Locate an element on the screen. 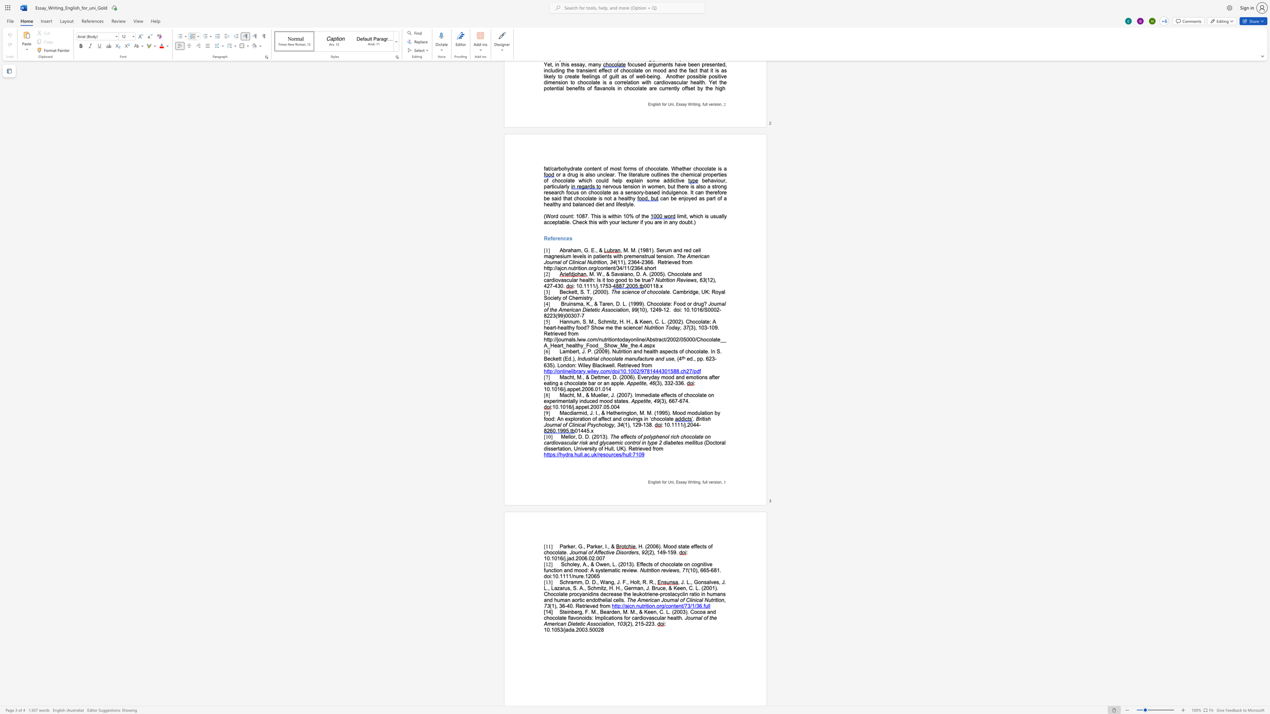 This screenshot has height=714, width=1270. the space between the continuous character "." and "," in the text is located at coordinates (582, 395).